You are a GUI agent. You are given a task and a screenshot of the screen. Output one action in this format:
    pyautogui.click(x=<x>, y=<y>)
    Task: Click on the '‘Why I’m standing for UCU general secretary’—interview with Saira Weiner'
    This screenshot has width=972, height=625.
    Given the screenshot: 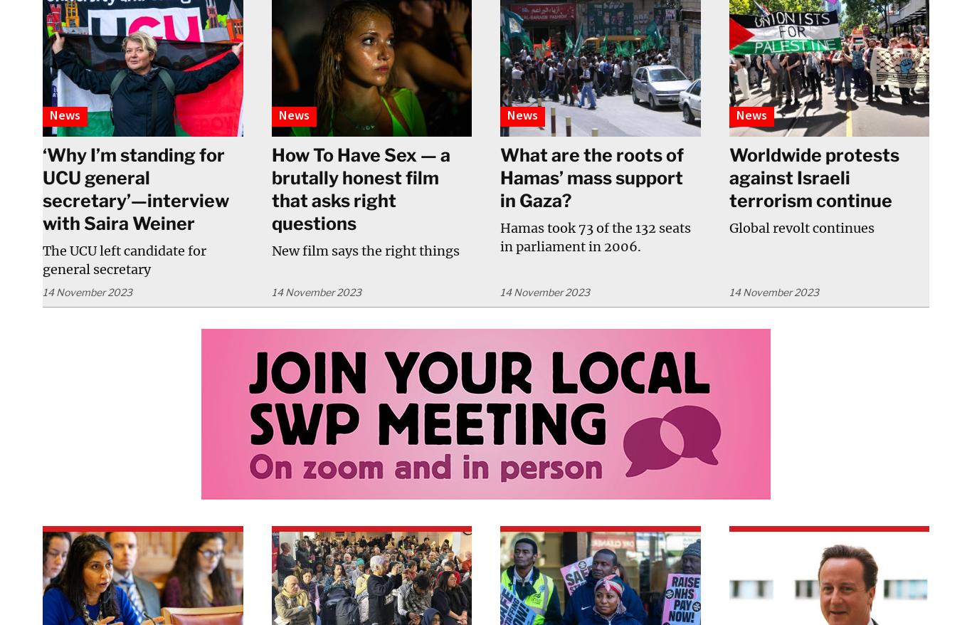 What is the action you would take?
    pyautogui.click(x=134, y=189)
    